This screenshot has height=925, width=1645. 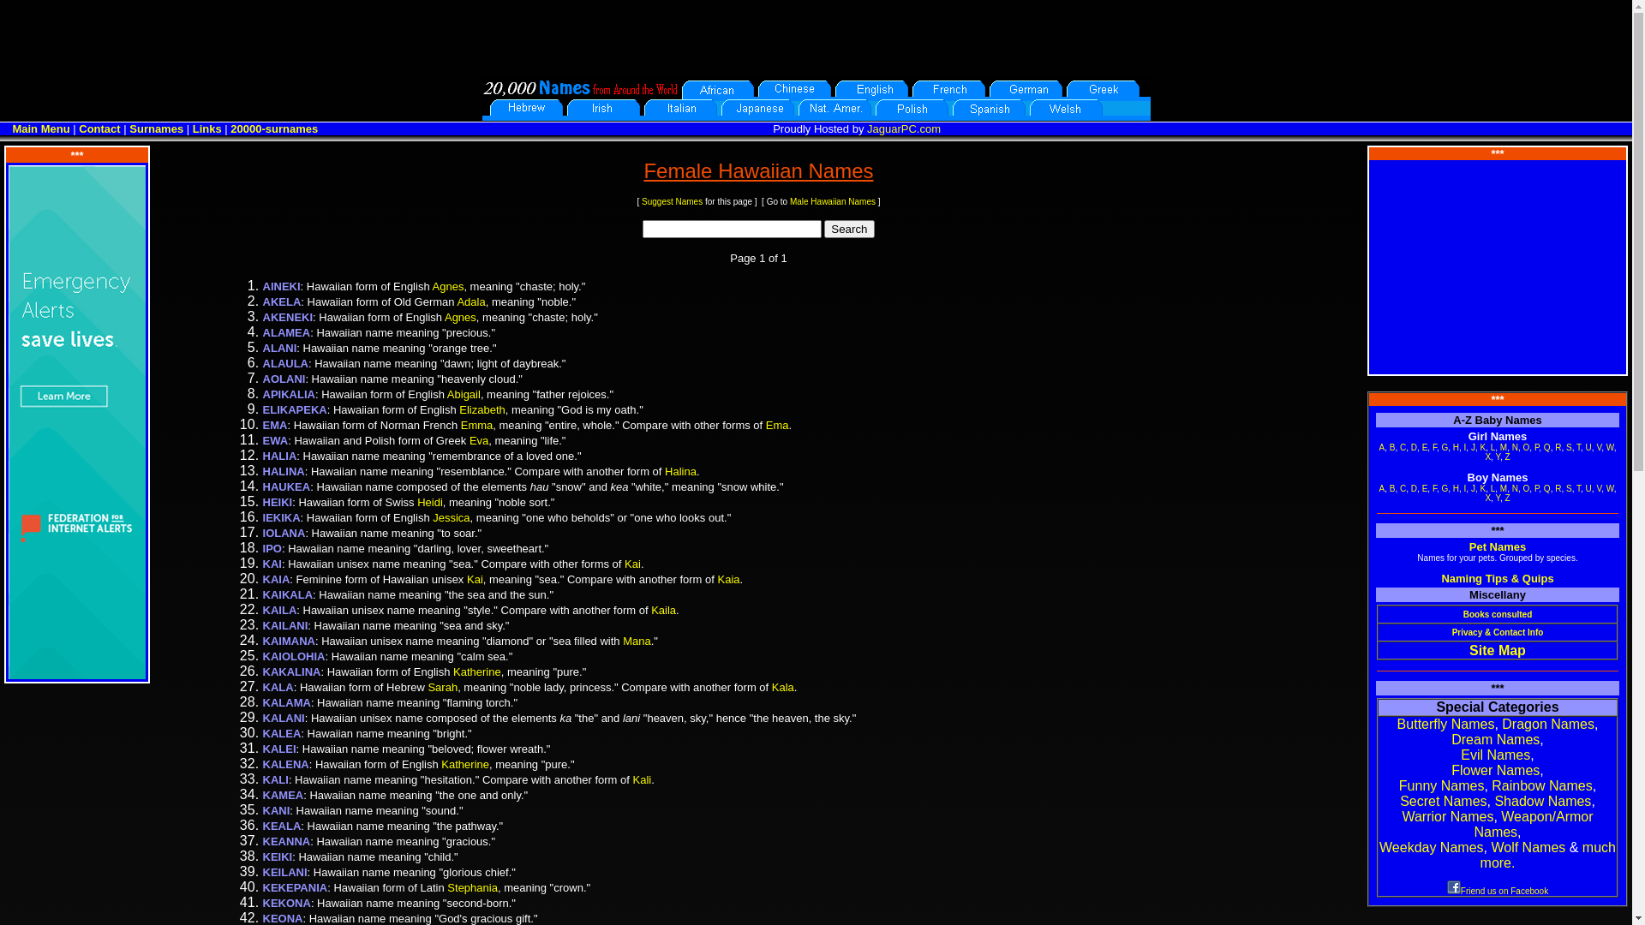 What do you see at coordinates (1515, 488) in the screenshot?
I see `'N'` at bounding box center [1515, 488].